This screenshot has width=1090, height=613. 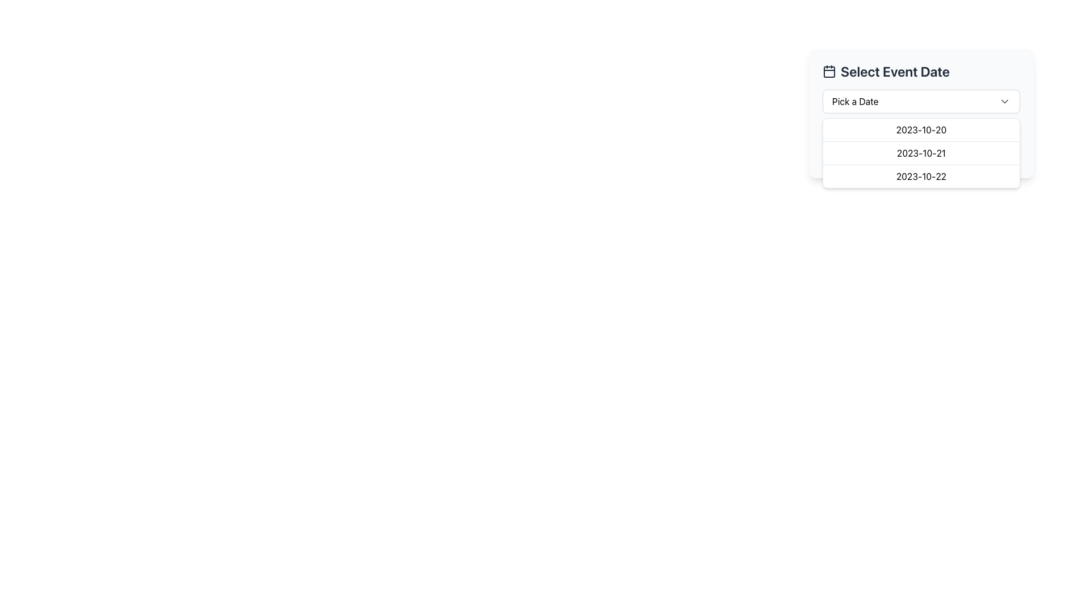 What do you see at coordinates (921, 153) in the screenshot?
I see `the list item displaying '2023-10-21' in the date selection dropdown menu` at bounding box center [921, 153].